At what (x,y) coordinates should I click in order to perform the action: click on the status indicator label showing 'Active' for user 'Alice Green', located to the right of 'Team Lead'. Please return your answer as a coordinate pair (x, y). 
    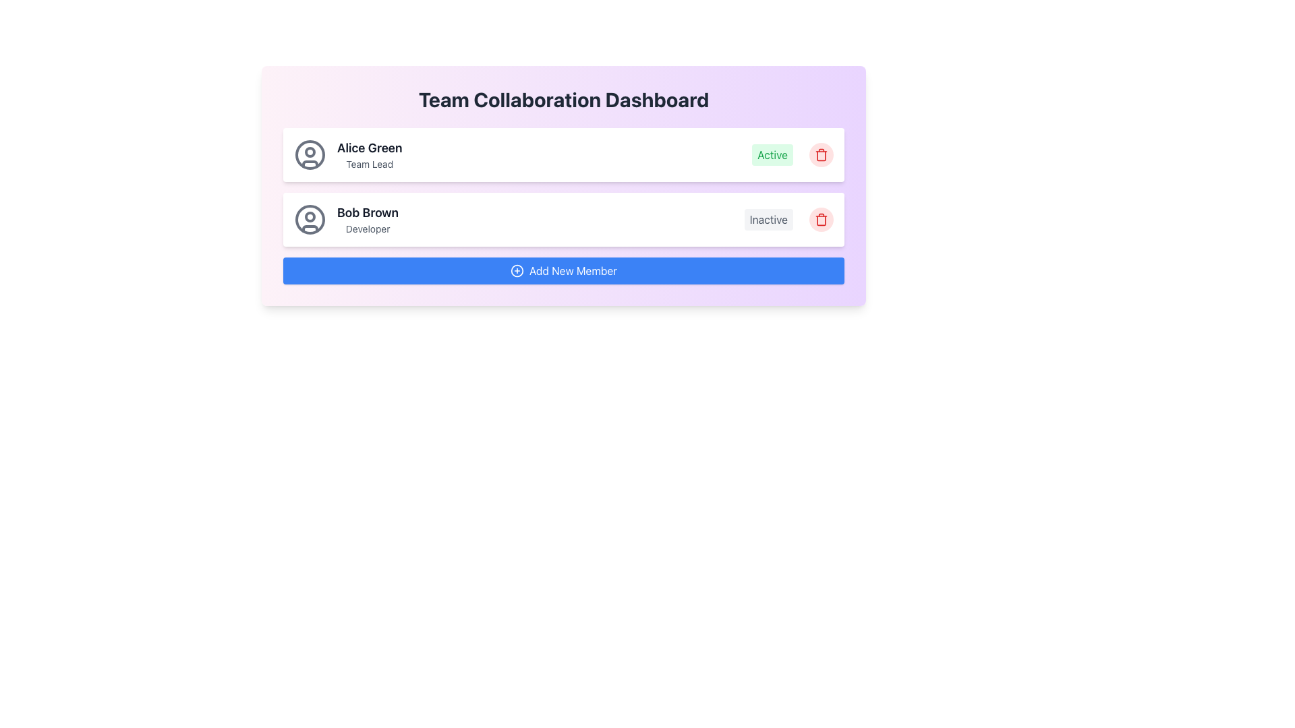
    Looking at the image, I should click on (772, 154).